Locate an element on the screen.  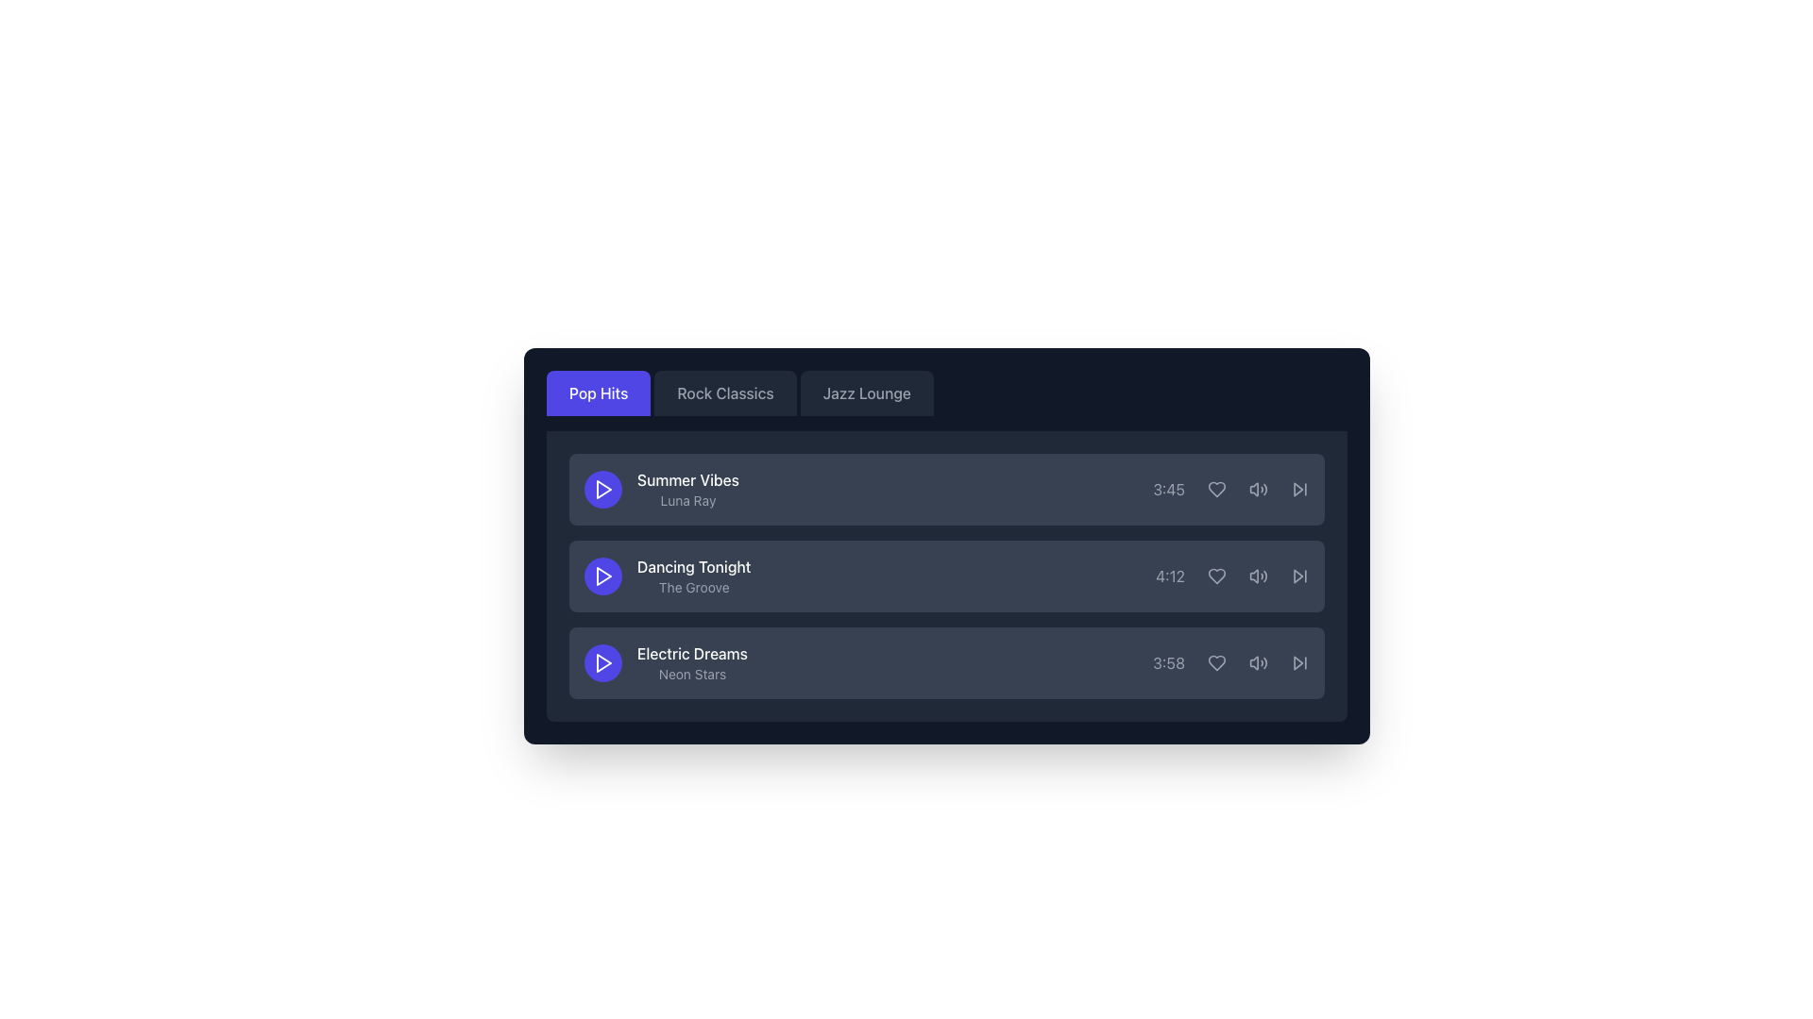
the text label displaying 'Luna Ray', which is styled in light gray and located below the title 'Summer Vibes' is located at coordinates (687, 500).